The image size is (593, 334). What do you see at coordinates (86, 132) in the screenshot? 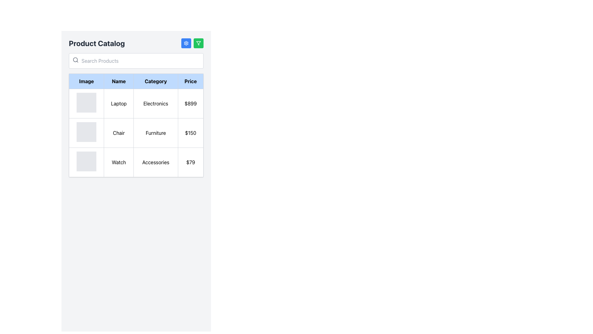
I see `the image placeholder representing the 'Chair' entry in the second row of the grid under the 'Image' column` at bounding box center [86, 132].